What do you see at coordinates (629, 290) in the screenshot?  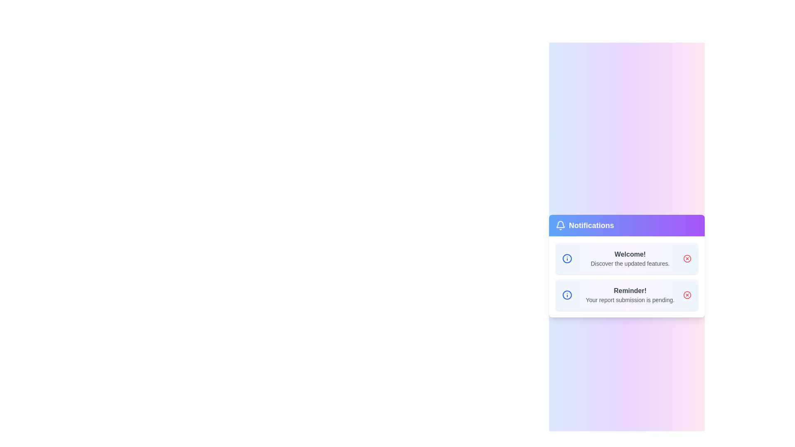 I see `the 'Reminder!' text label, which is styled in a semi-bold font and grayish-blue color, positioned as the header of a notification card` at bounding box center [629, 290].